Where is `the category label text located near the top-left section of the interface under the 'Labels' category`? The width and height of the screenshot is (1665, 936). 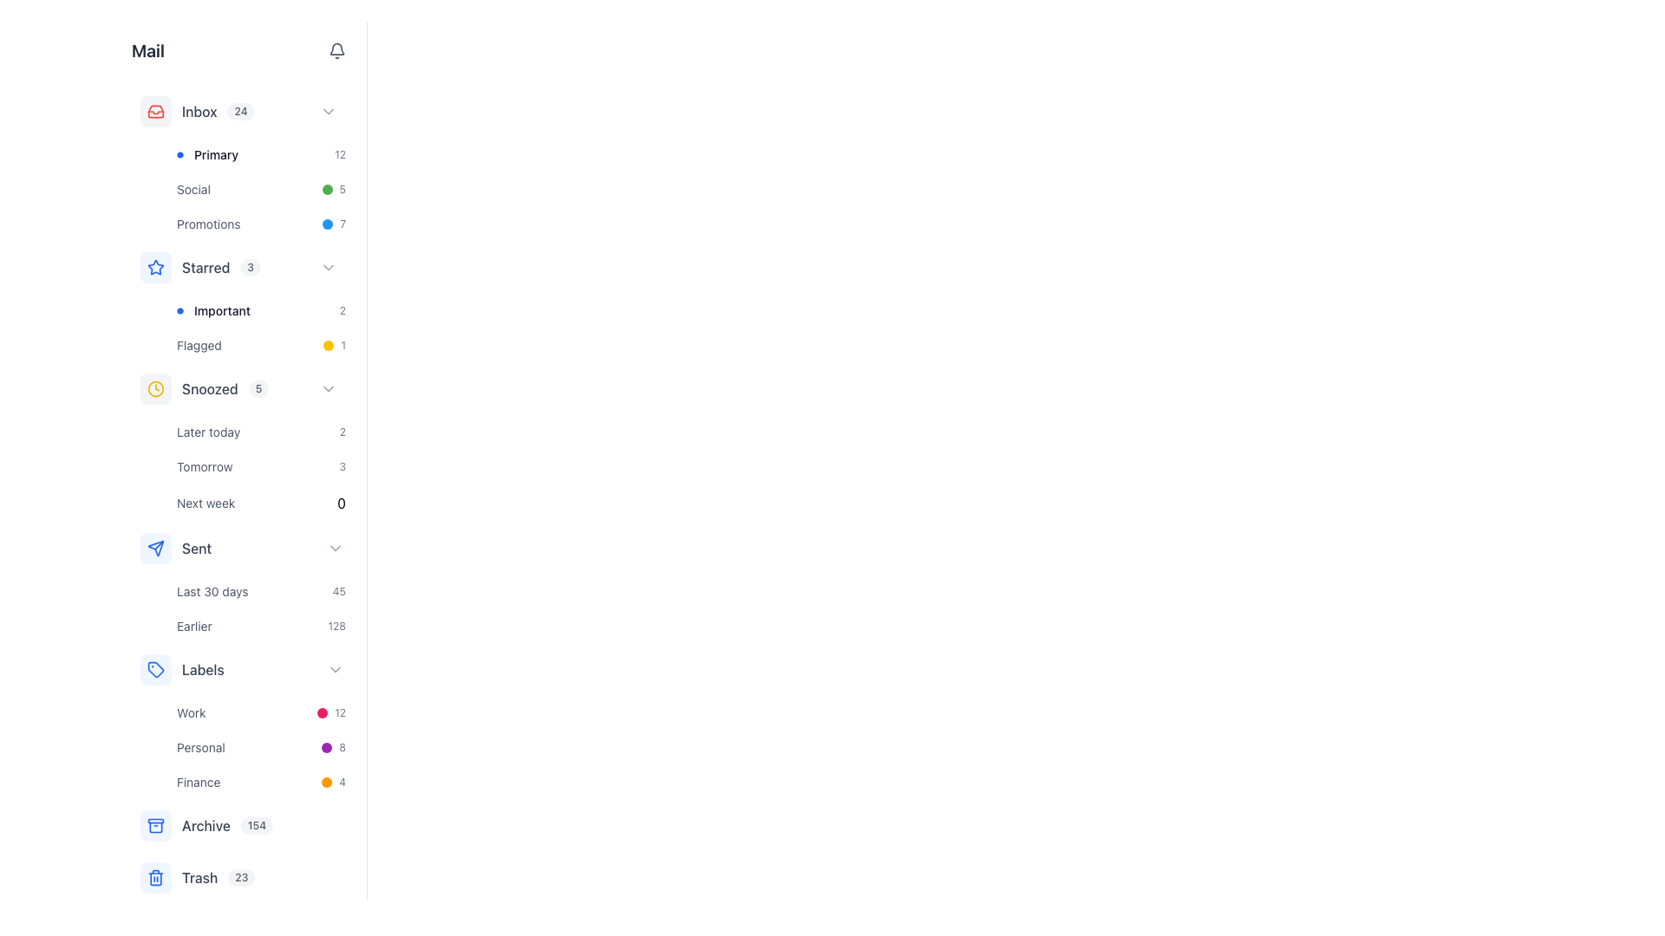 the category label text located near the top-left section of the interface under the 'Labels' category is located at coordinates (191, 712).